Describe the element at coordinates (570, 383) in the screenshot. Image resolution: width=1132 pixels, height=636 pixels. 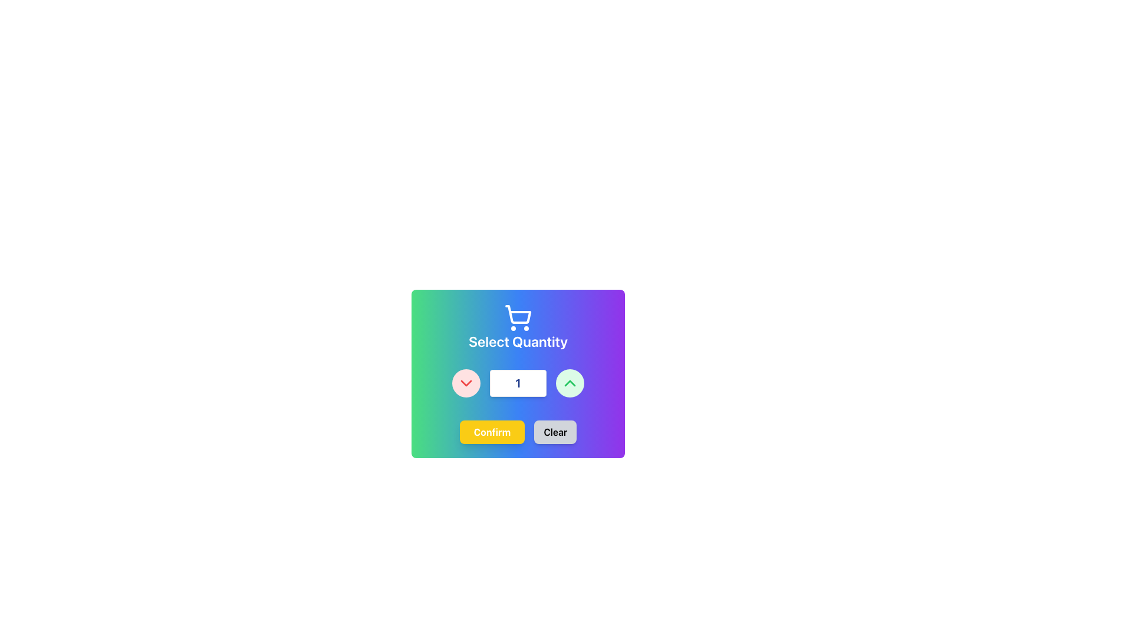
I see `the circular light green button with an upward-pointing chevron icon in the 'Select Quantity' dialog to increase the value` at that location.